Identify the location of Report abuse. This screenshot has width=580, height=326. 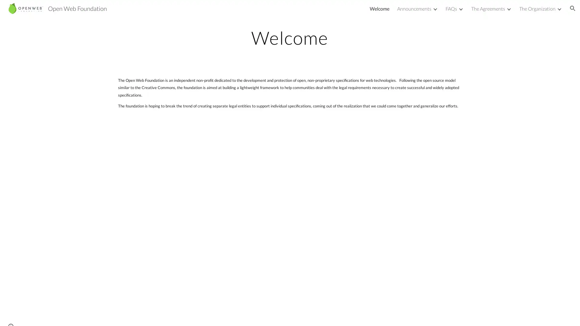
(72, 315).